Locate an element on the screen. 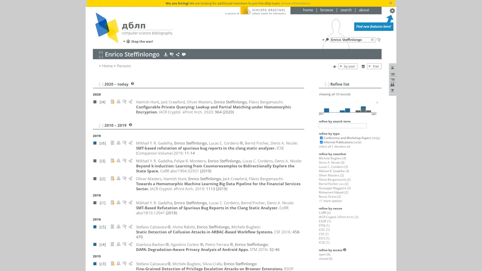  EICS (1) is located at coordinates (324, 238).